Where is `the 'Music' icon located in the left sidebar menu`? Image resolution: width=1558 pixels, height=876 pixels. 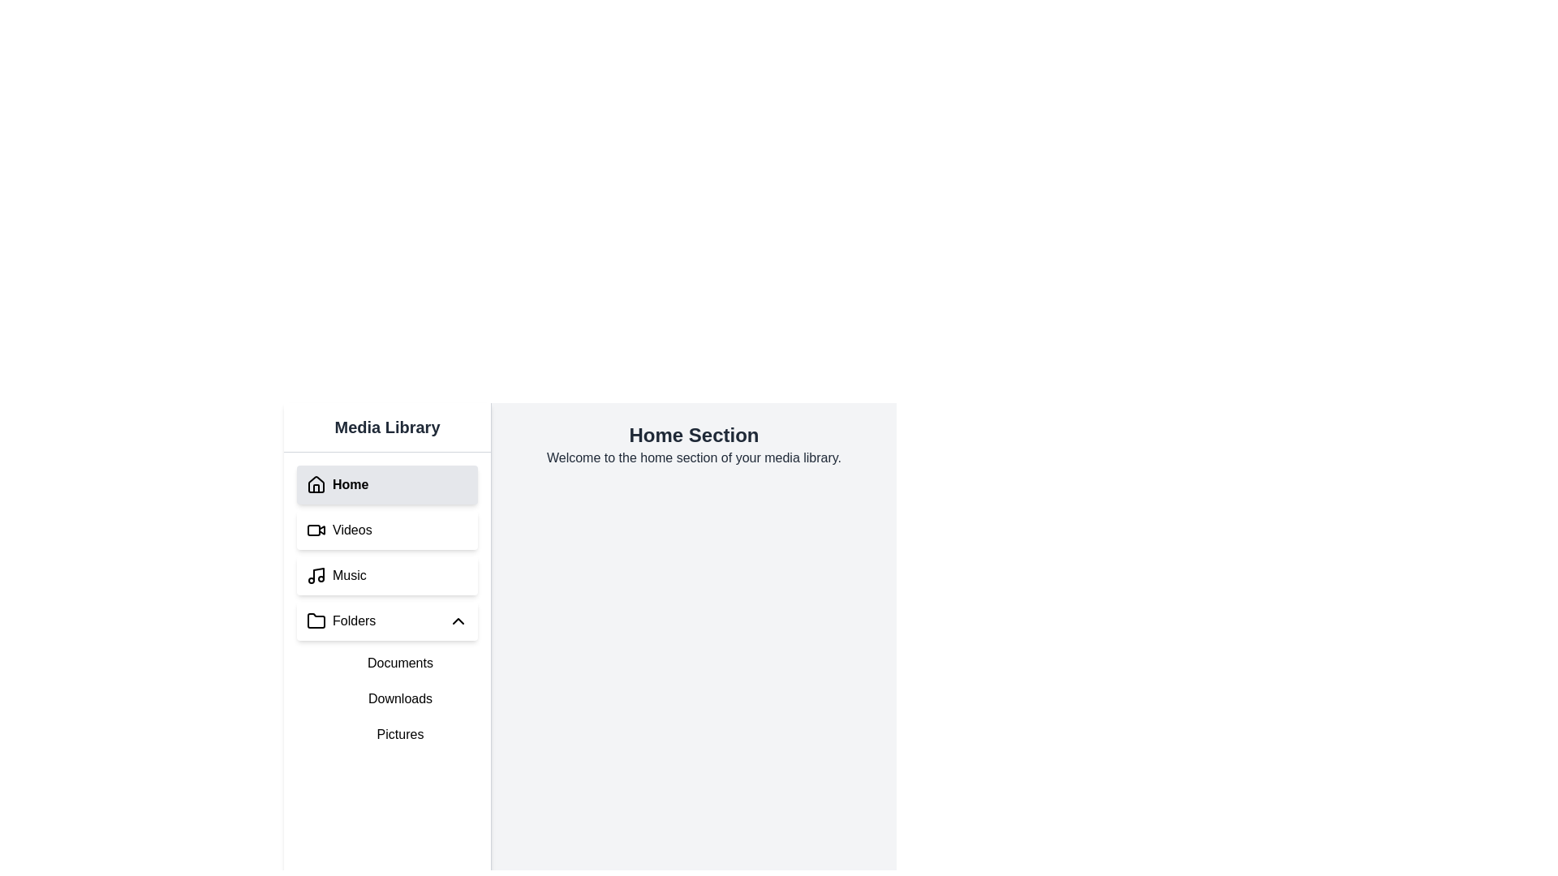
the 'Music' icon located in the left sidebar menu is located at coordinates (316, 574).